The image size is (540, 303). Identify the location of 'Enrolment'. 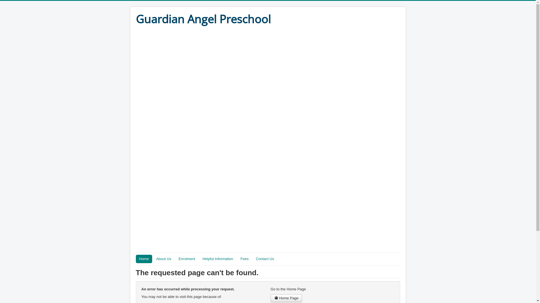
(187, 259).